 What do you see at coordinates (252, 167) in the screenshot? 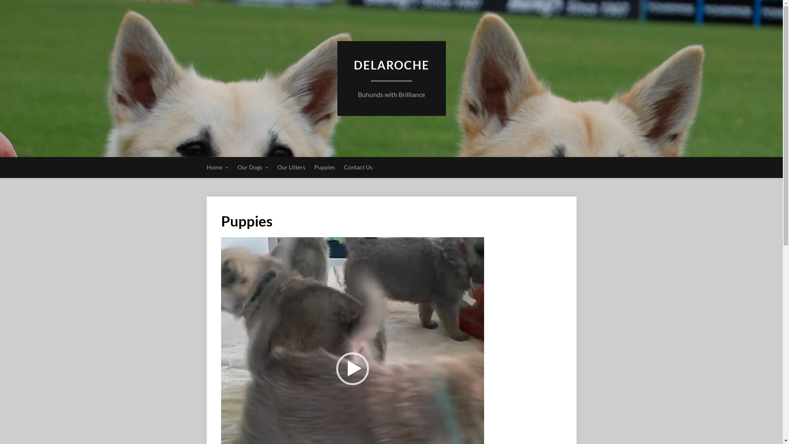
I see `'Our Dogs'` at bounding box center [252, 167].